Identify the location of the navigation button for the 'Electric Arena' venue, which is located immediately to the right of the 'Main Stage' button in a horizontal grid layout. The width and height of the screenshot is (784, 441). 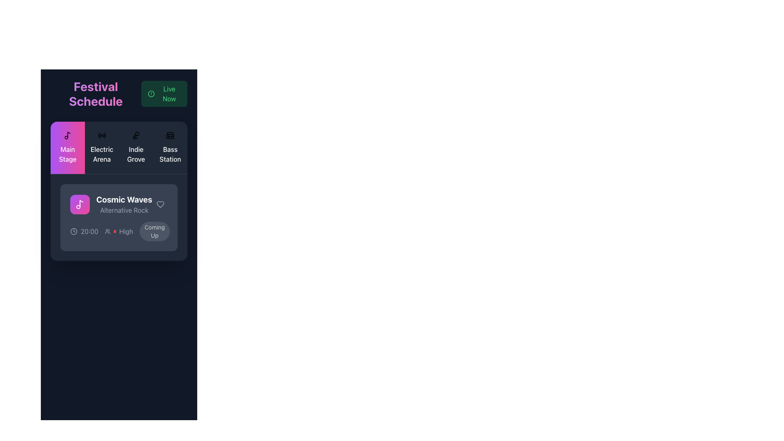
(101, 148).